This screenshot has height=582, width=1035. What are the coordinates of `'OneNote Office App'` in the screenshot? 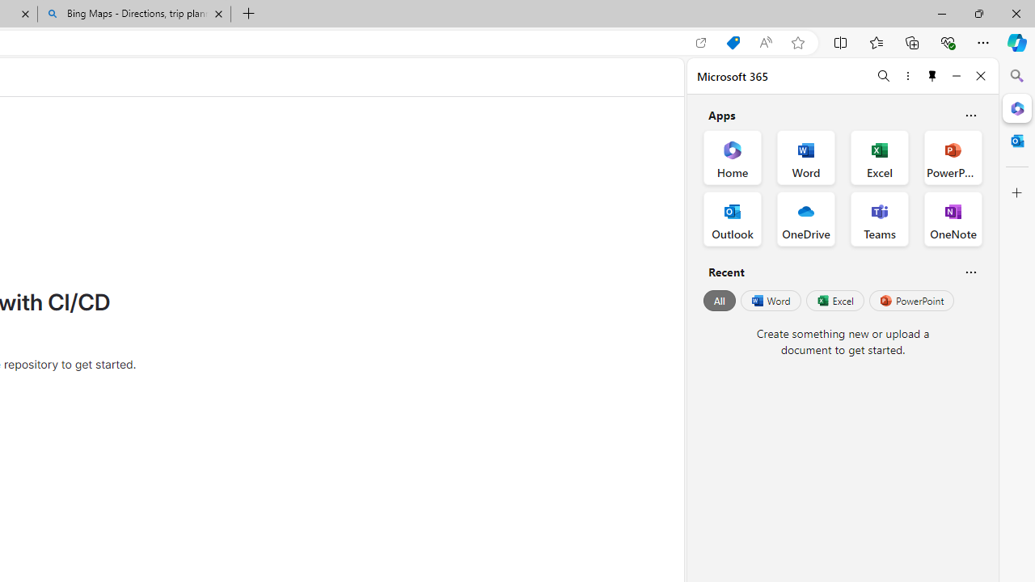 It's located at (953, 219).